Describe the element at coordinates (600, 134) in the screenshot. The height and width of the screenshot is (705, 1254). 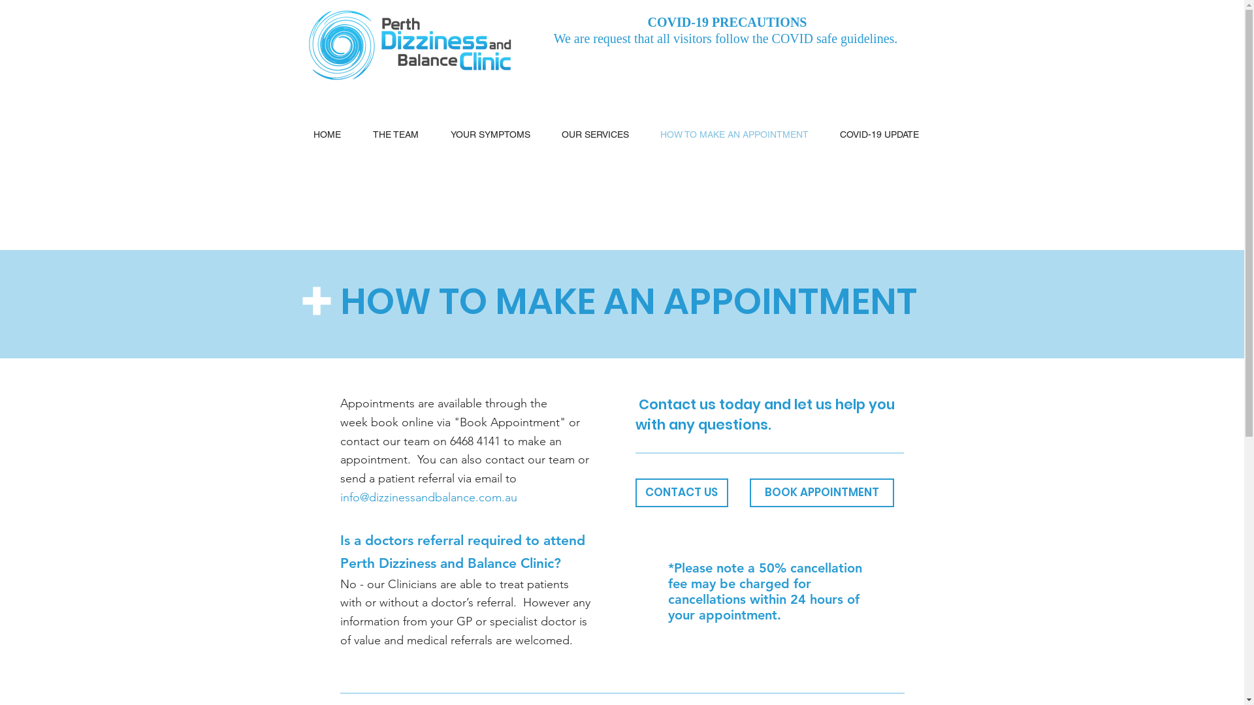
I see `'OUR SERVICES'` at that location.